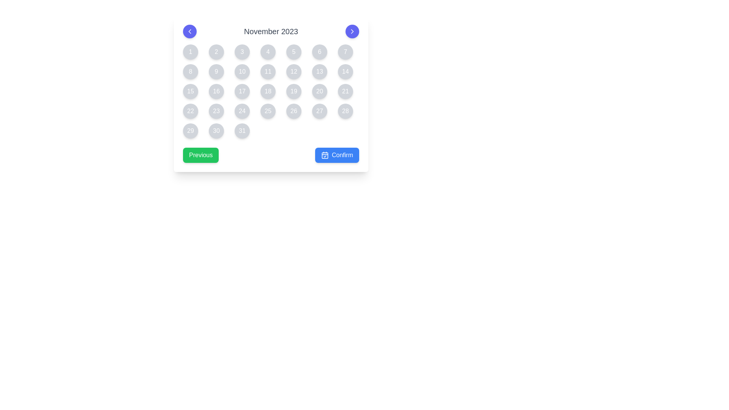 This screenshot has height=410, width=729. I want to click on the circular button with the number '20' in the calendar interface to change its background color, so click(319, 91).